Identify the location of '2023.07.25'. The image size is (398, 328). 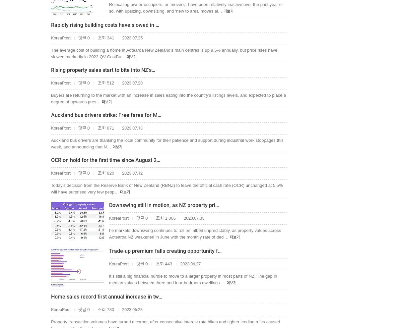
(131, 37).